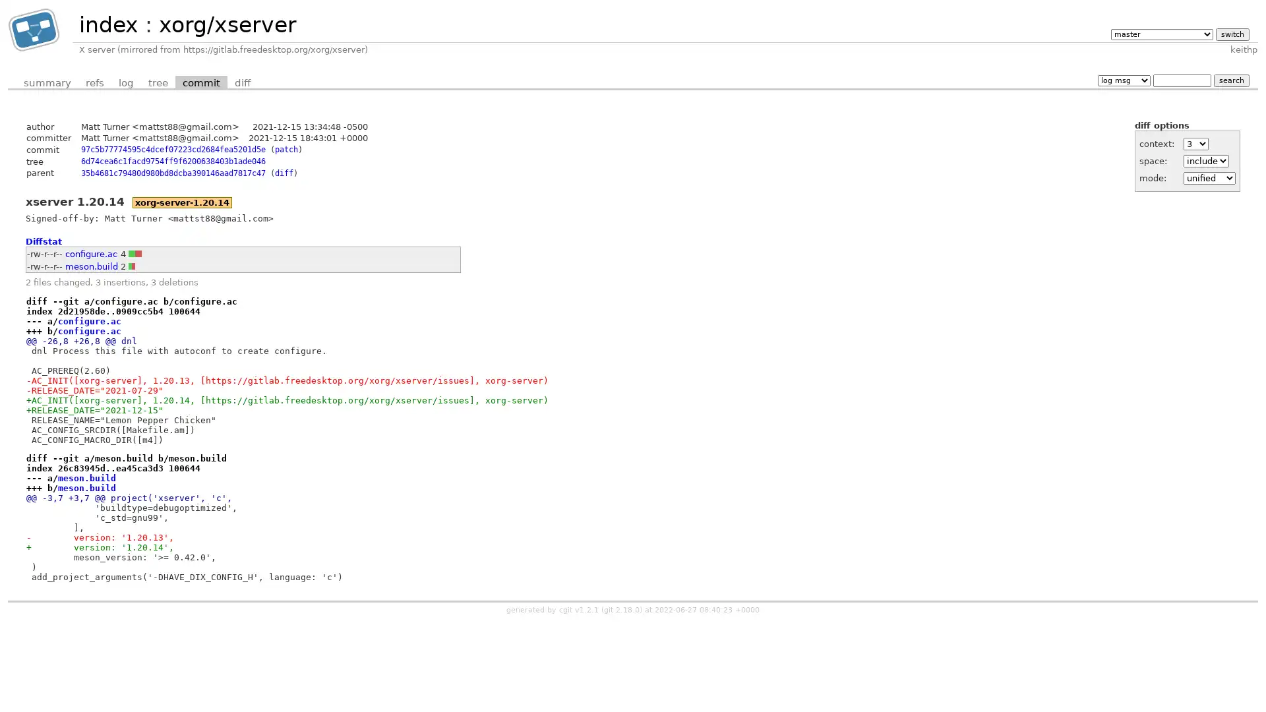 The width and height of the screenshot is (1266, 712). Describe the element at coordinates (1230, 80) in the screenshot. I see `search` at that location.